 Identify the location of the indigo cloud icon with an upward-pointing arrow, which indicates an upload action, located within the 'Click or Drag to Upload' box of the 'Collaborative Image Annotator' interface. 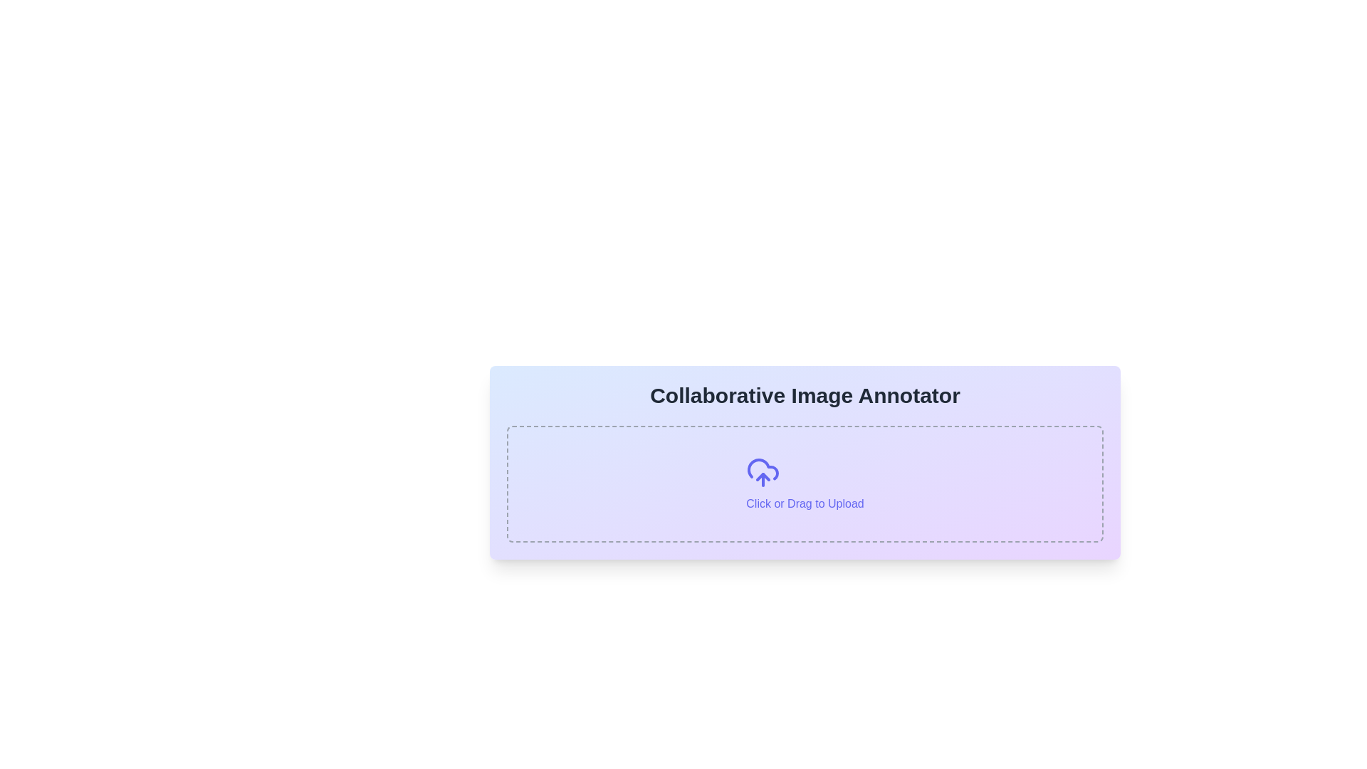
(763, 472).